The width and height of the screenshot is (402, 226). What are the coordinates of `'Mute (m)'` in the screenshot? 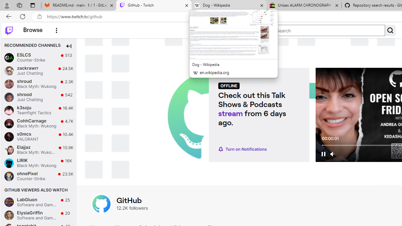 It's located at (332, 154).